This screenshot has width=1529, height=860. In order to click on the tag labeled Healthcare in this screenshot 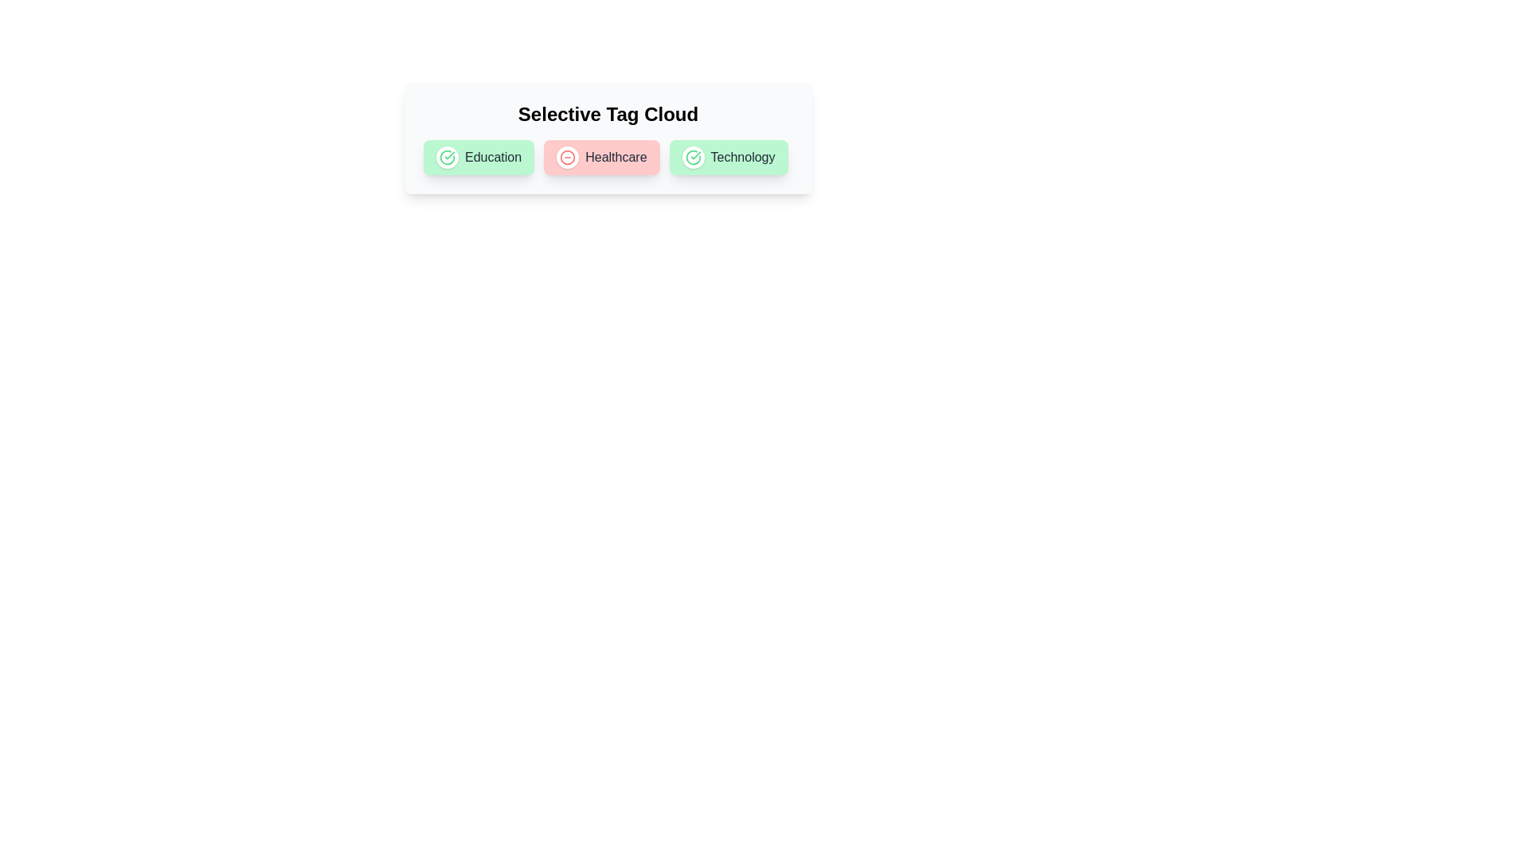, I will do `click(568, 157)`.